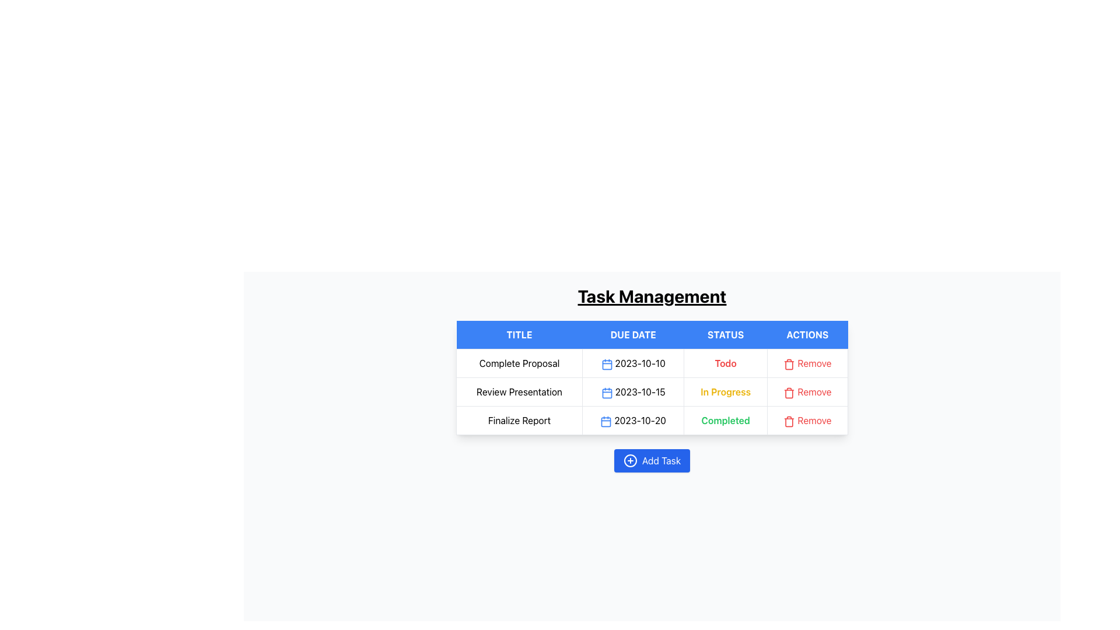 Image resolution: width=1120 pixels, height=630 pixels. I want to click on the rounded blue icon with a white cross, located left of the 'Add Task' text label, so click(629, 460).